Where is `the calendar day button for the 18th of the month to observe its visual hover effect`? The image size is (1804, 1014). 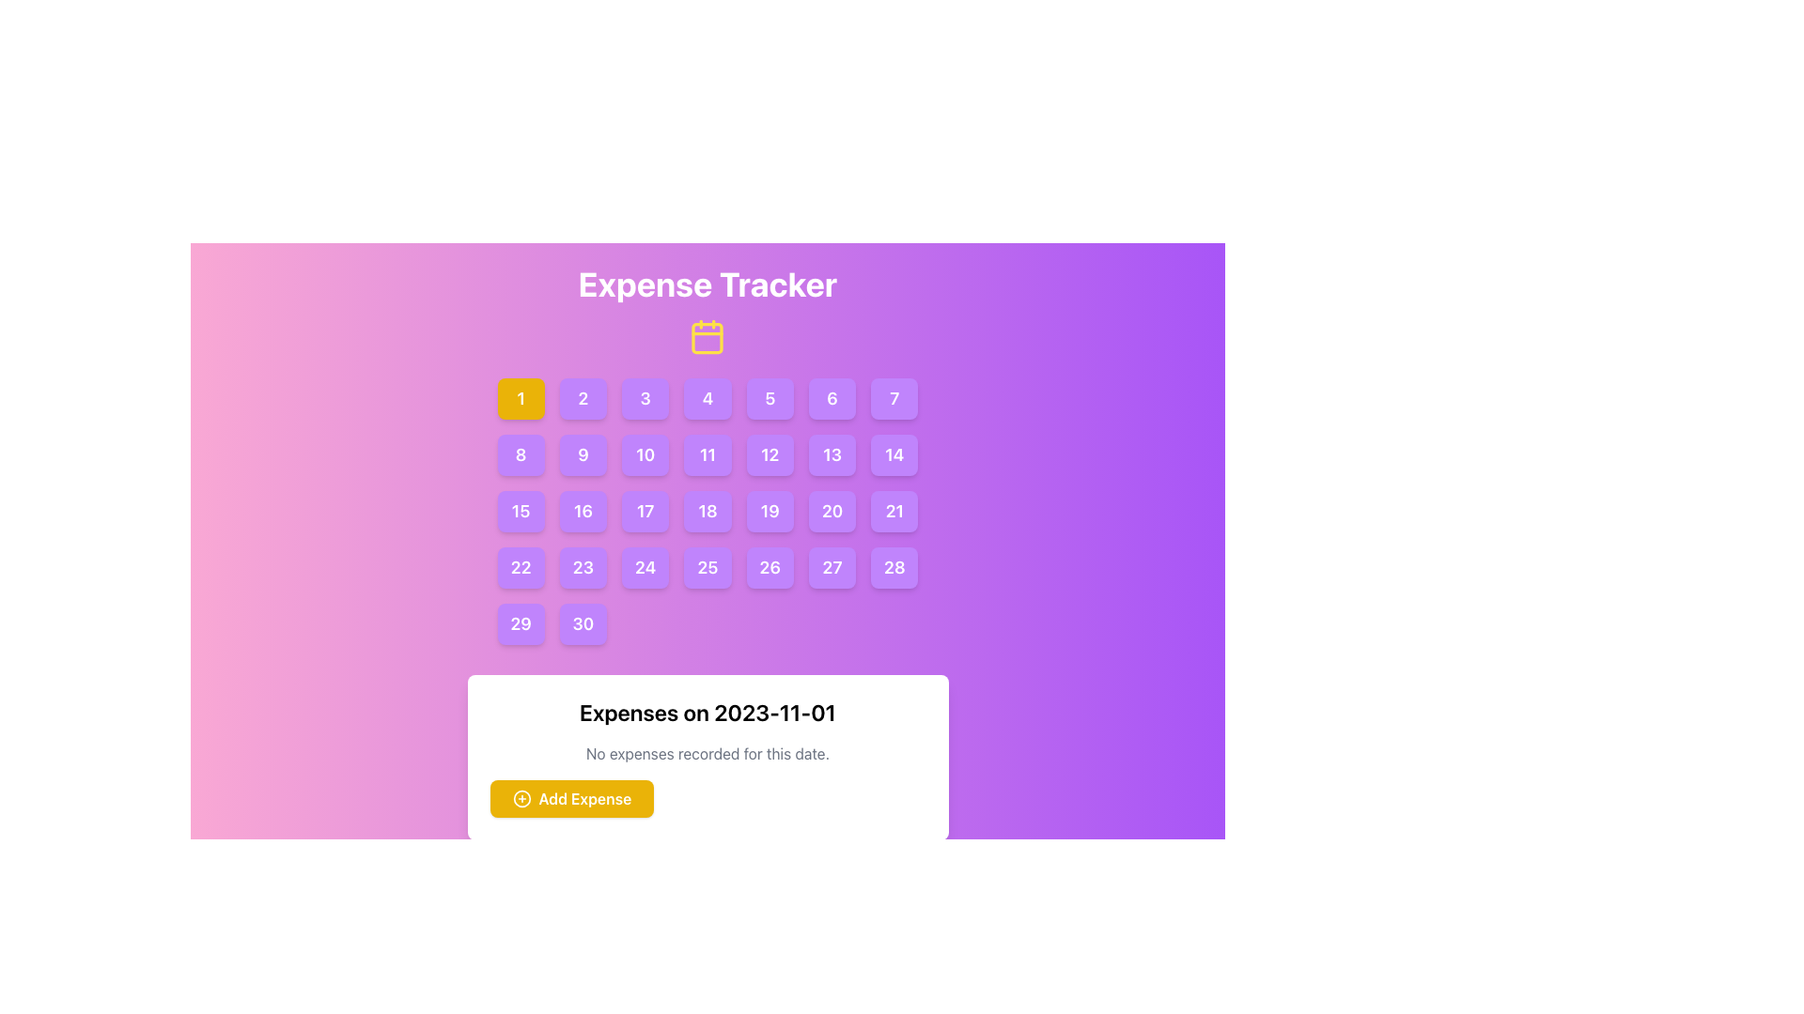 the calendar day button for the 18th of the month to observe its visual hover effect is located at coordinates (707, 511).